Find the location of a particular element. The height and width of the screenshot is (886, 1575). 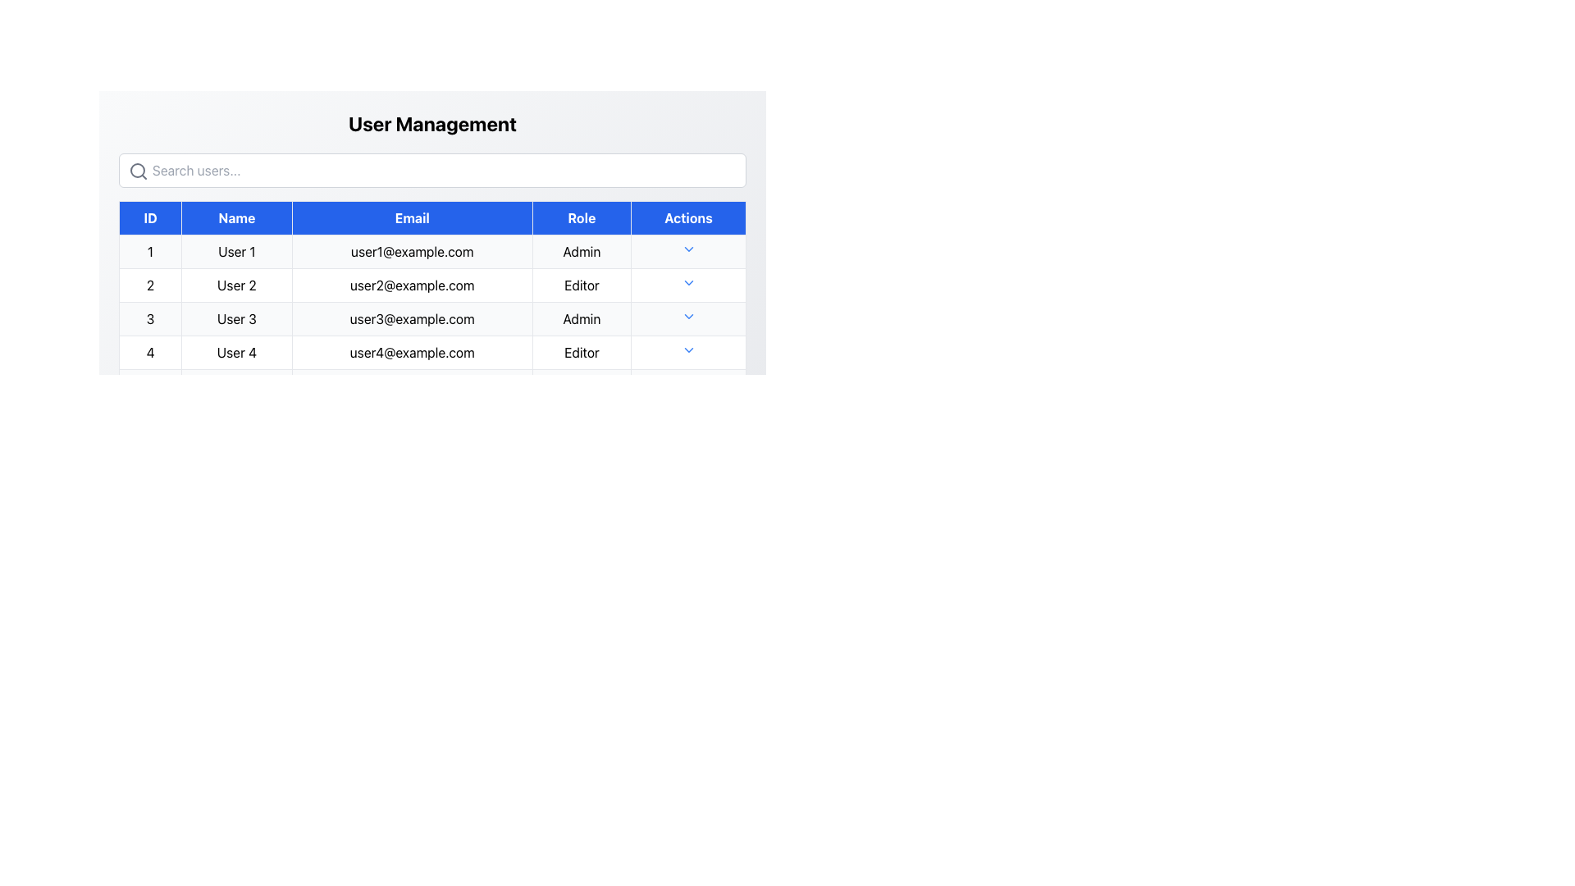

the Icon Button located at the bottom-most row of the table under the 'Actions' column, which serves as an interactive dropdown trigger is located at coordinates (688, 349).